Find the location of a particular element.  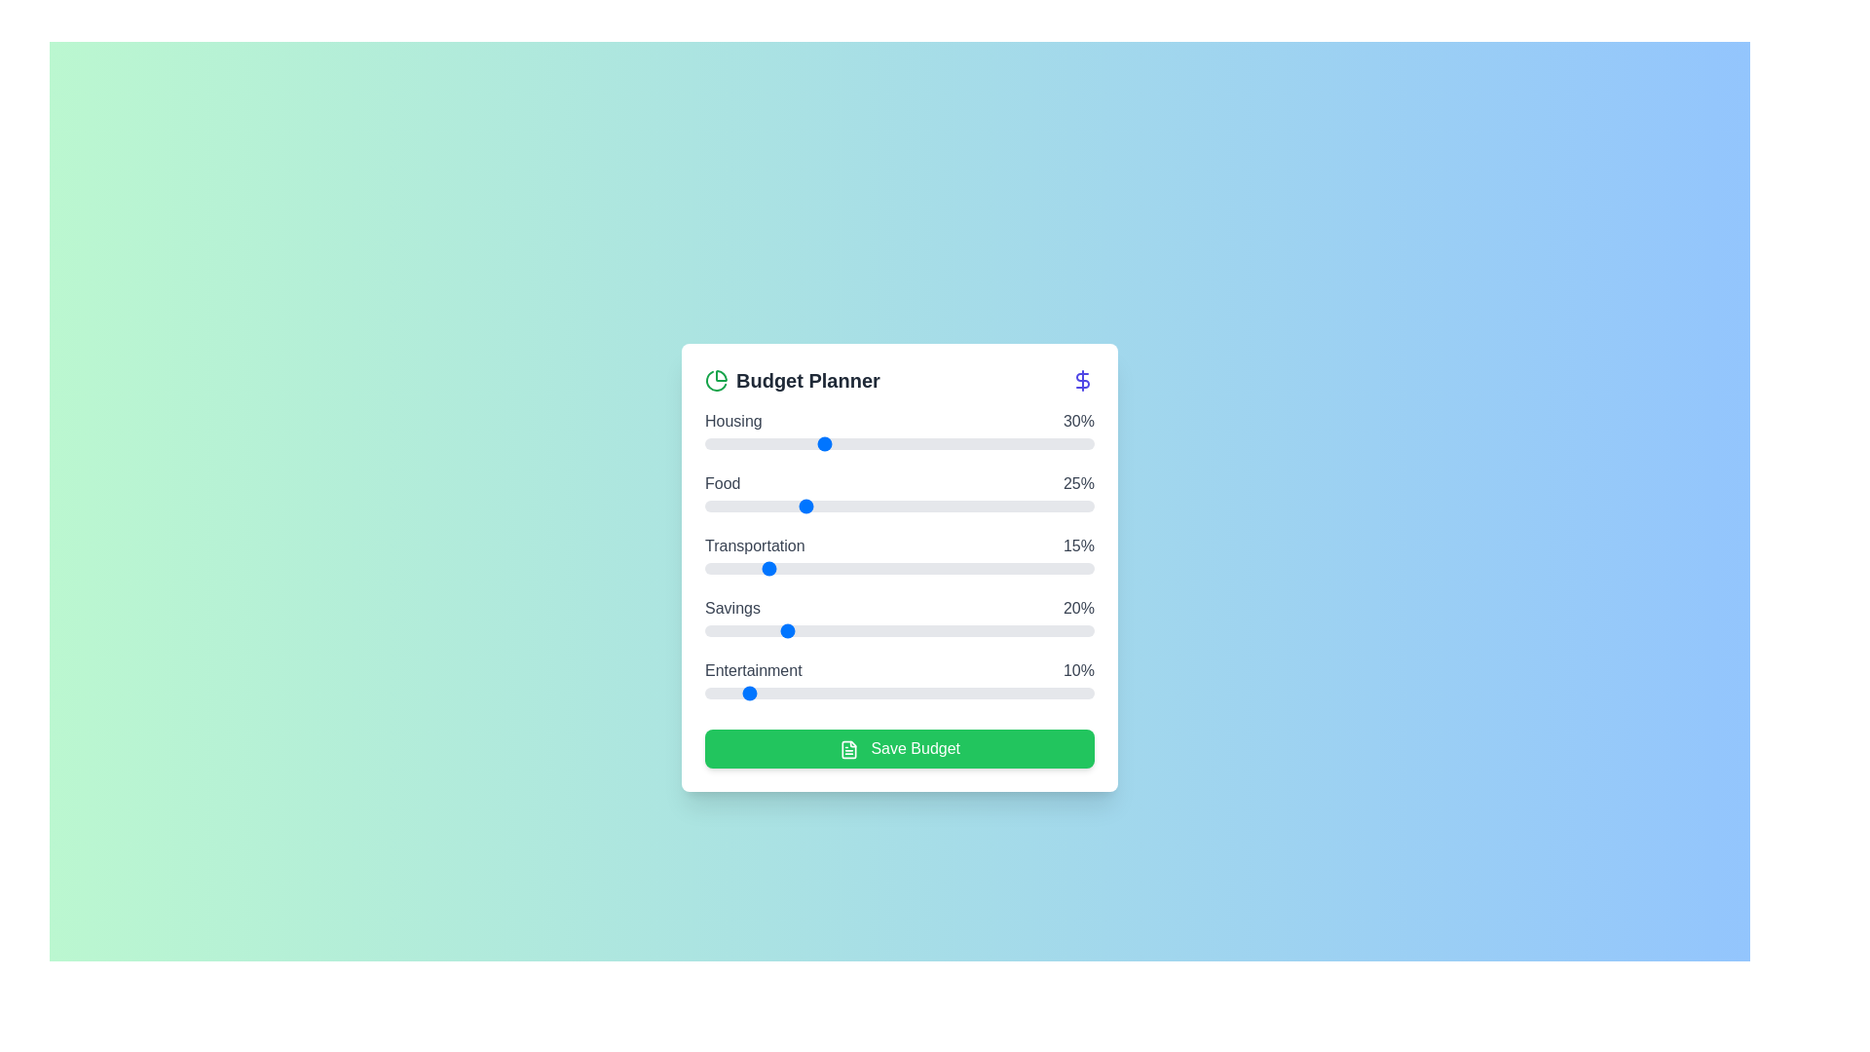

the 'Transportation' slider to 89% is located at coordinates (1051, 568).